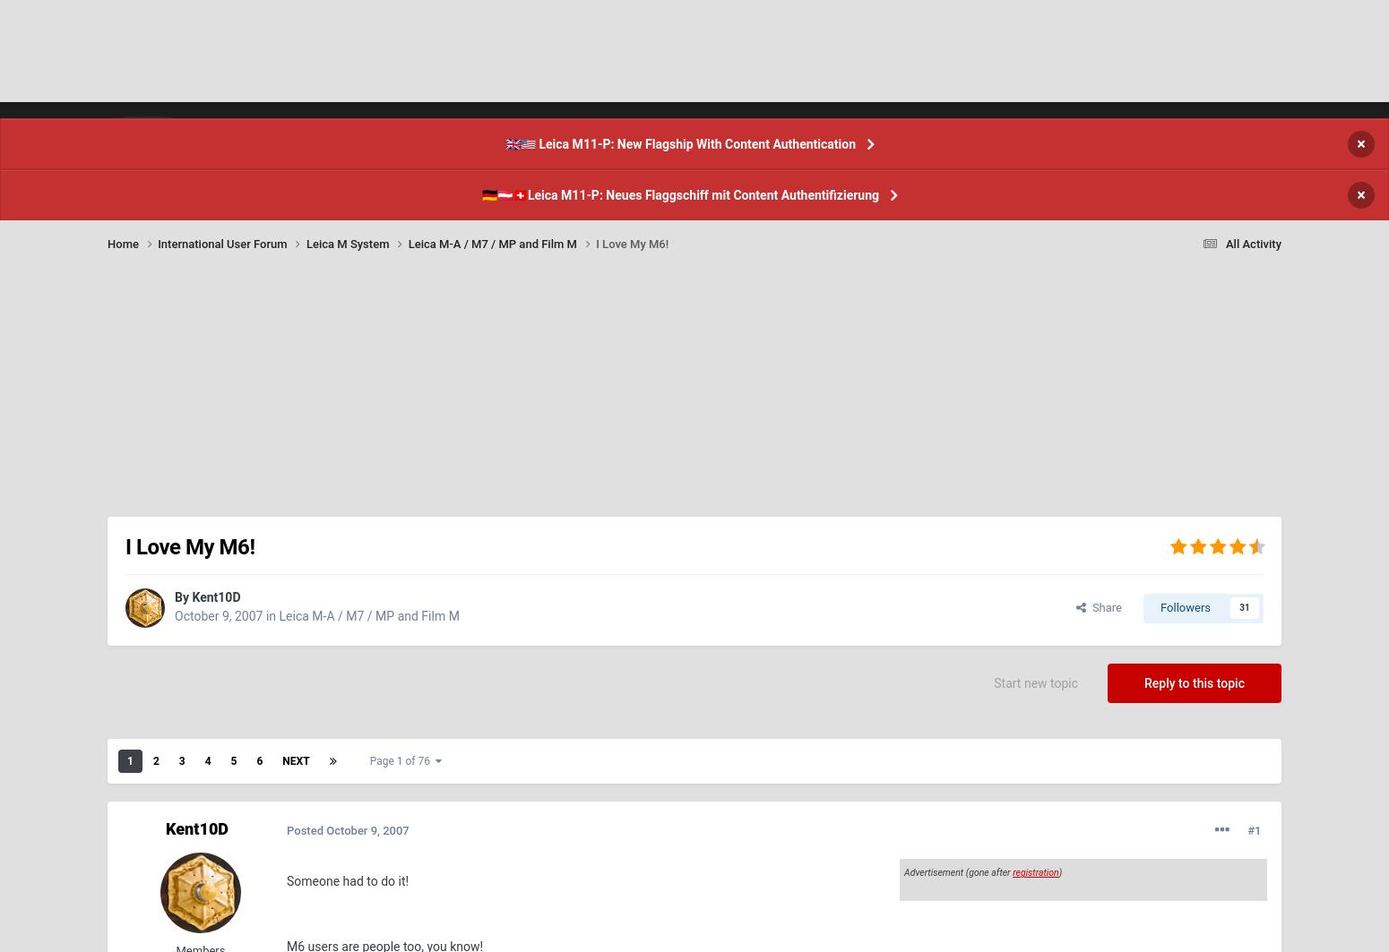  I want to click on 'I have a book that has lists of body and lens serial numbers, but you might be able to find what you're looking for here:', so click(286, 491).